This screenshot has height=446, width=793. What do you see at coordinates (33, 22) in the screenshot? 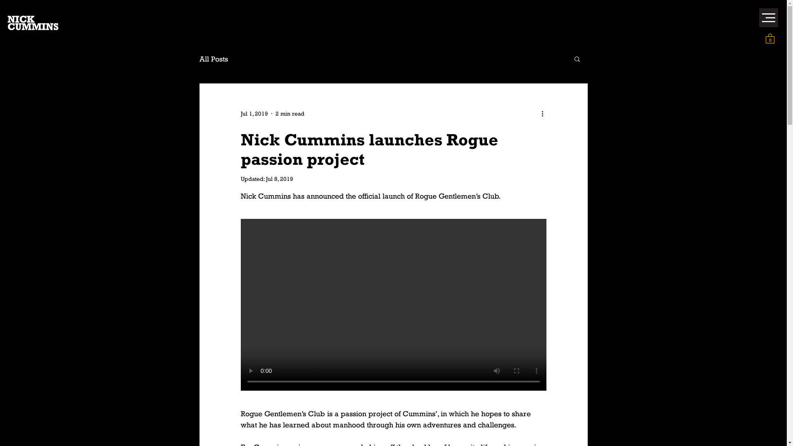
I see `'Nick Cummins Logo'` at bounding box center [33, 22].